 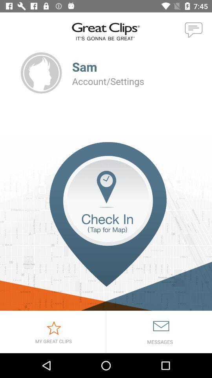 What do you see at coordinates (159, 332) in the screenshot?
I see `the icon at the bottom right corner` at bounding box center [159, 332].